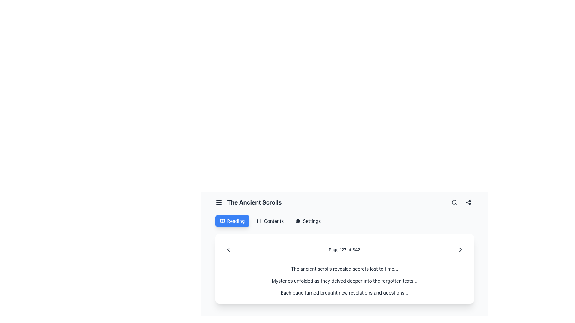 This screenshot has height=323, width=575. I want to click on the right-facing chevron icon located at the top-right corner of the card element displaying page information, so click(460, 249).